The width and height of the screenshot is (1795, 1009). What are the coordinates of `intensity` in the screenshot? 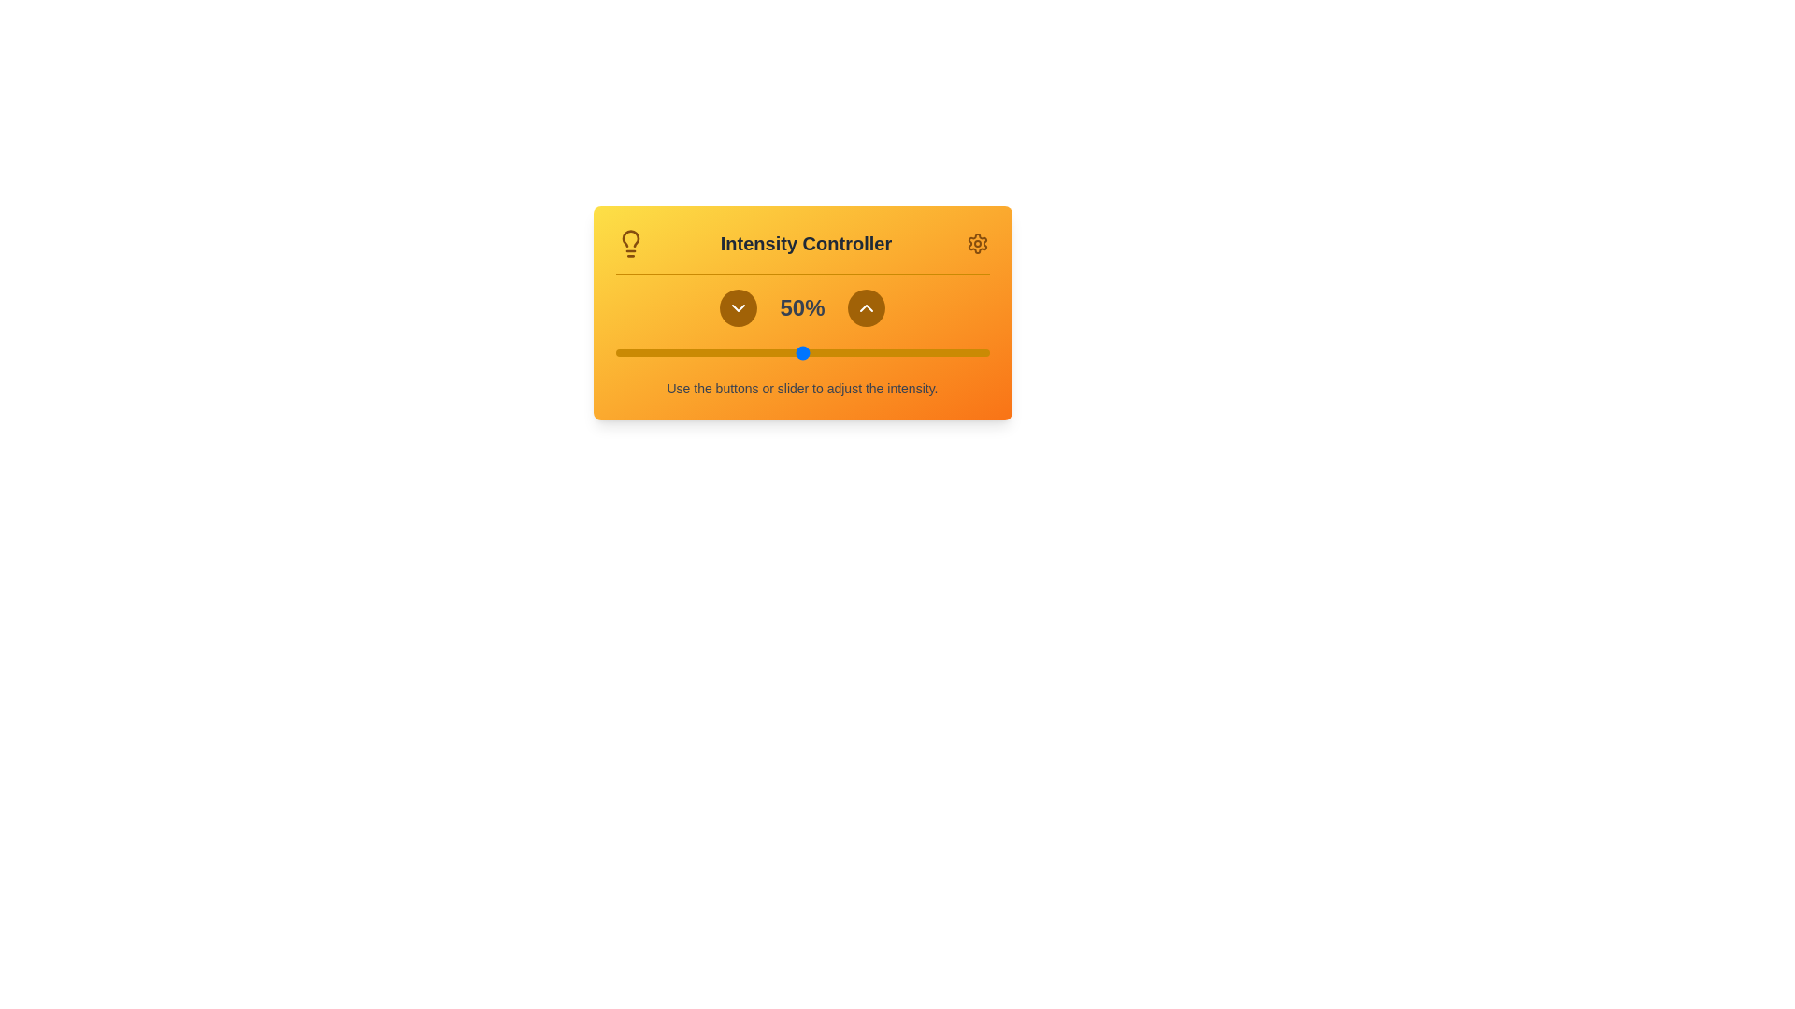 It's located at (615, 353).